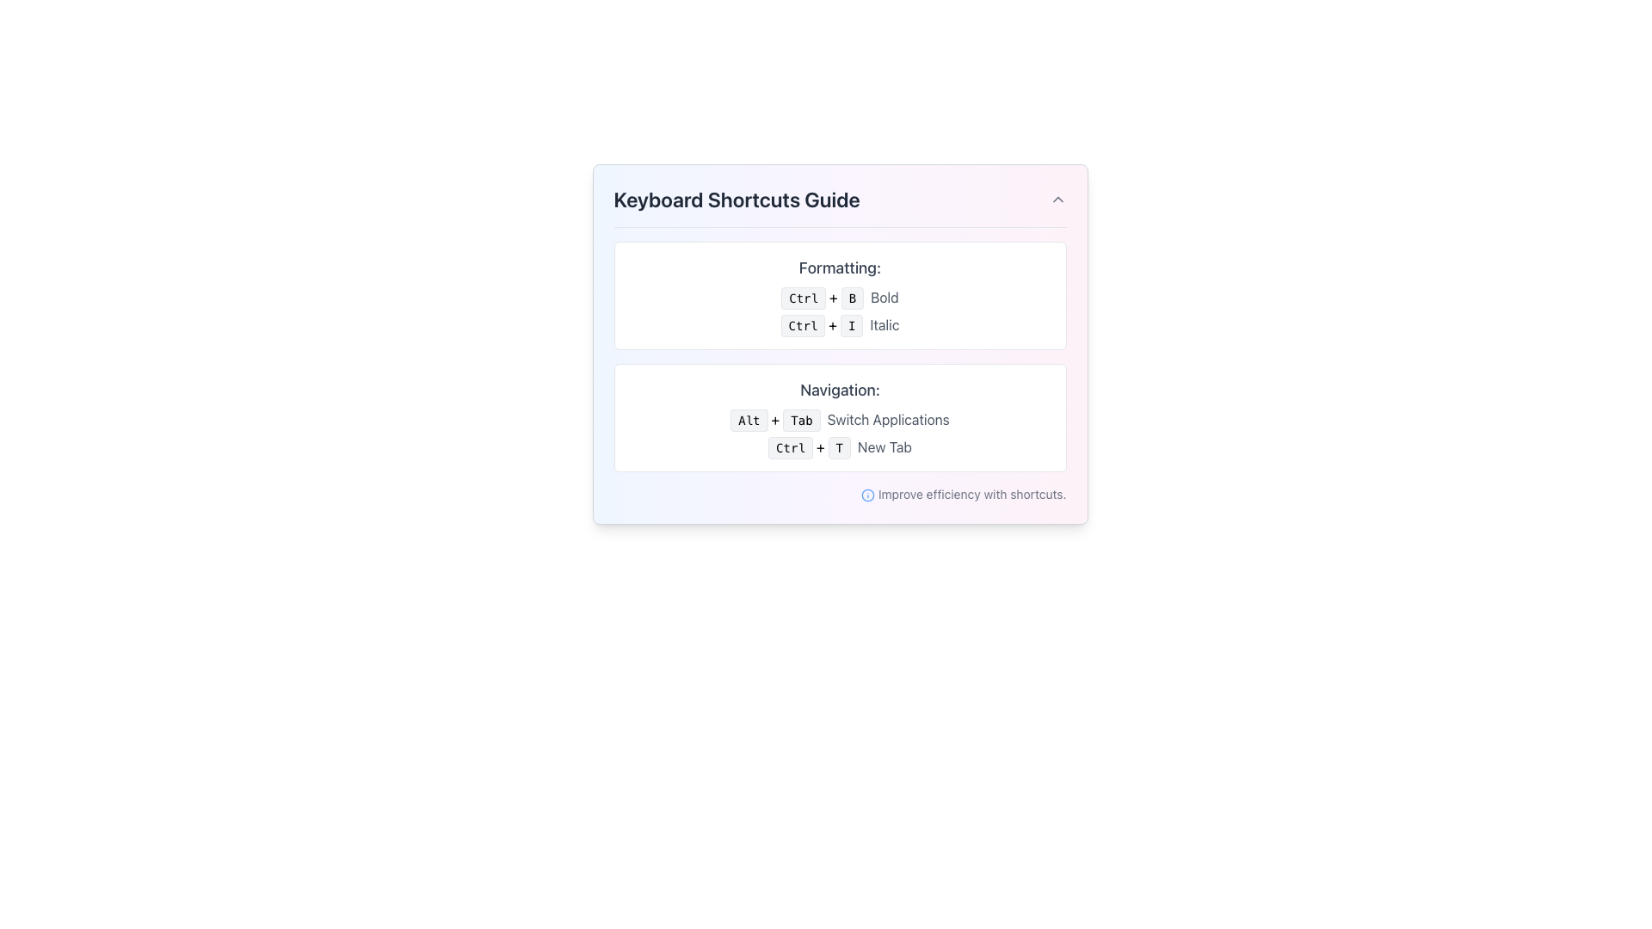 This screenshot has height=929, width=1652. Describe the element at coordinates (819, 446) in the screenshot. I see `the Text Label that signifies the keyboard shortcut 'Ctrl+T' for opening a new tab, which is centrally aligned between the 'Ctrl' and 'T' buttons` at that location.